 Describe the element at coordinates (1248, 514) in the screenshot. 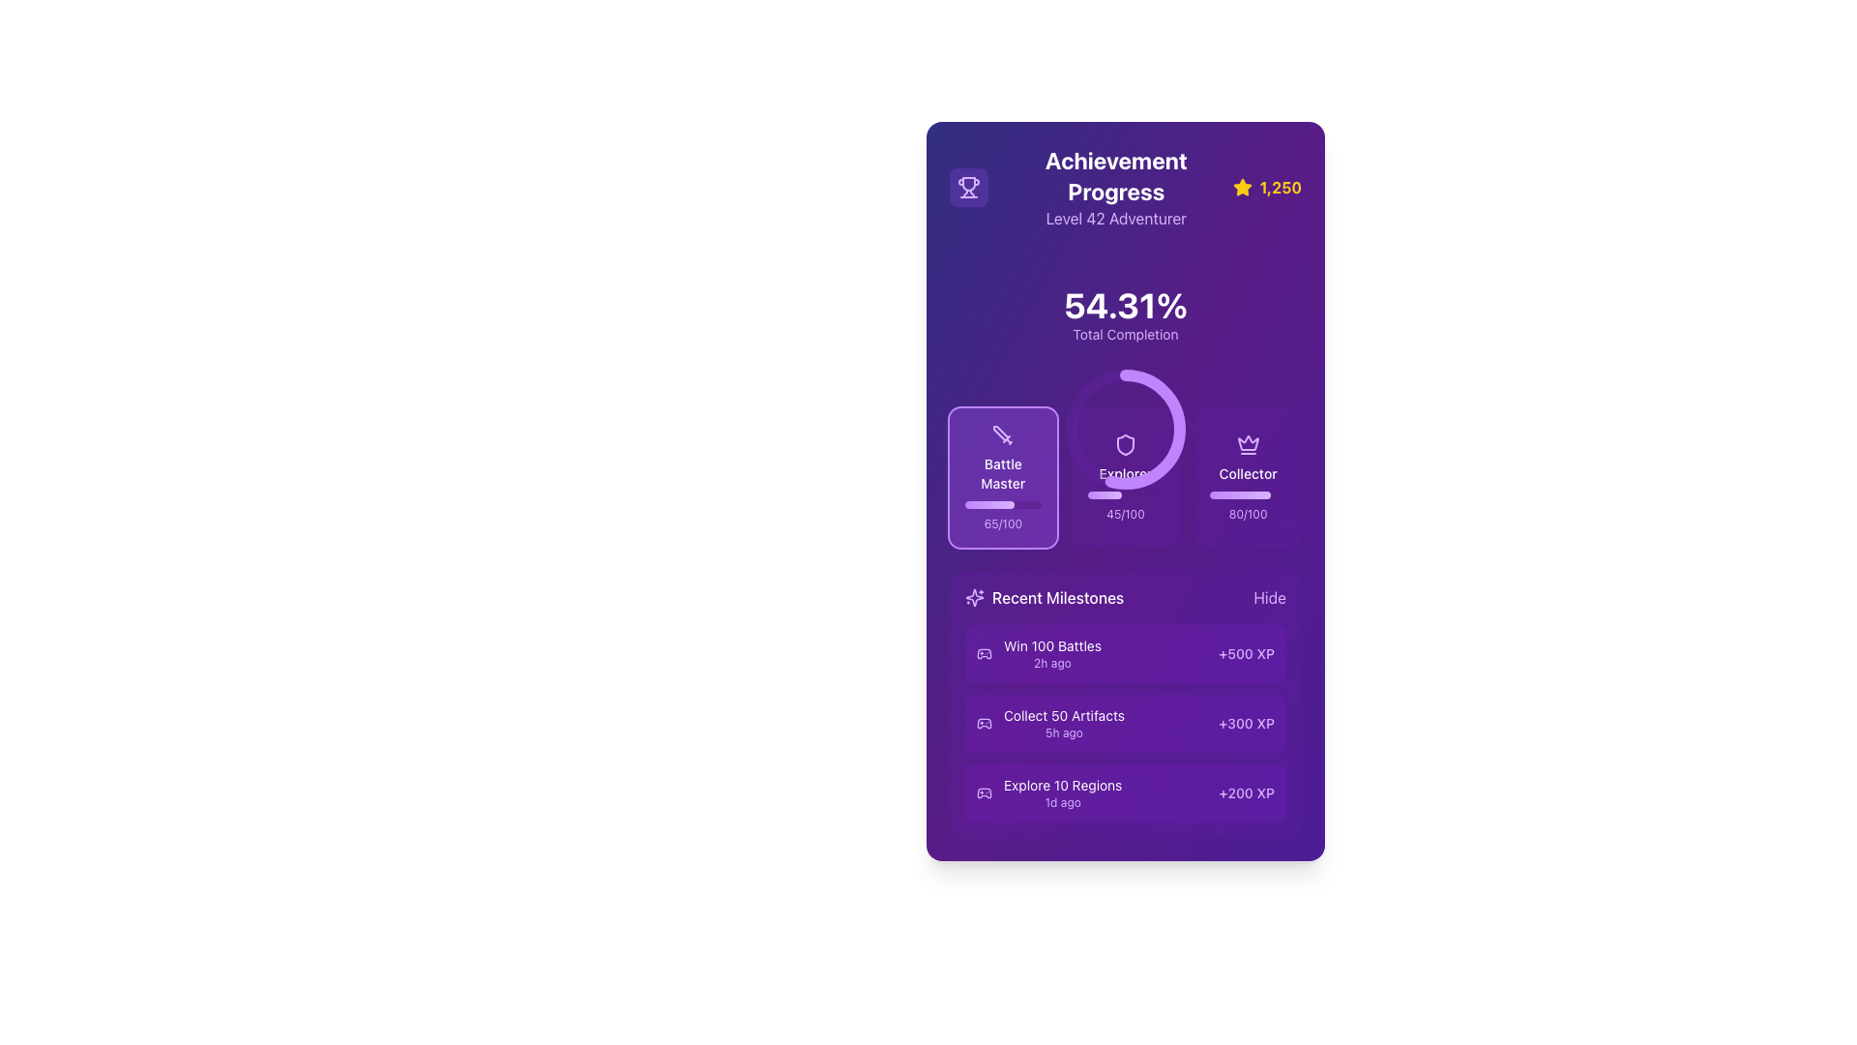

I see `the progress display text under the 'Collector' badge in the achievement progress section, which is non-interactive and purely informative` at that location.